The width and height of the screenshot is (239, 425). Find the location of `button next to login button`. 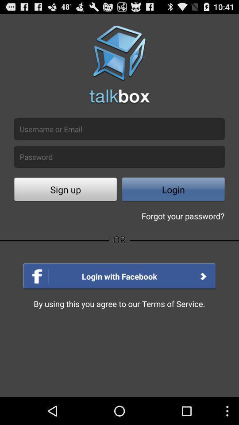

button next to login button is located at coordinates (65, 190).